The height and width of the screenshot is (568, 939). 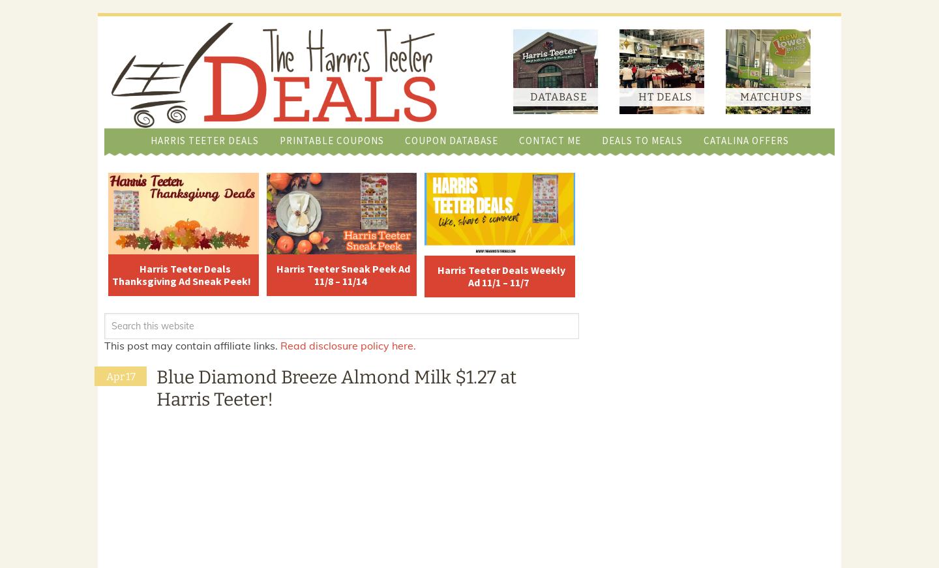 I want to click on '17', so click(x=130, y=376).